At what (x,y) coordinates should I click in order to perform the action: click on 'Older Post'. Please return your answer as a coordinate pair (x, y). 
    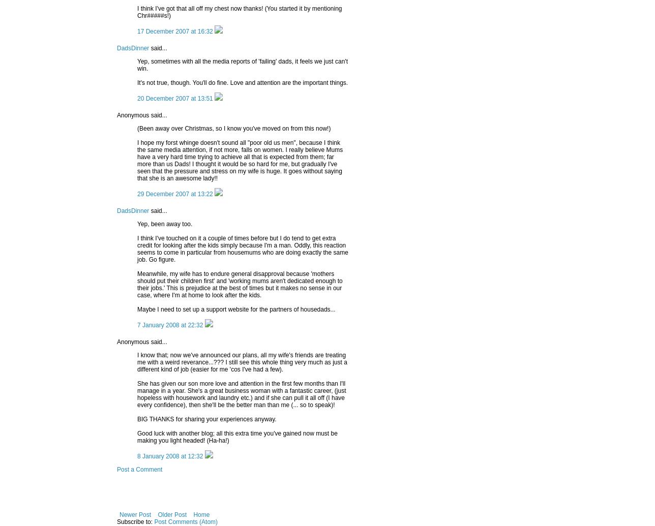
    Looking at the image, I should click on (172, 514).